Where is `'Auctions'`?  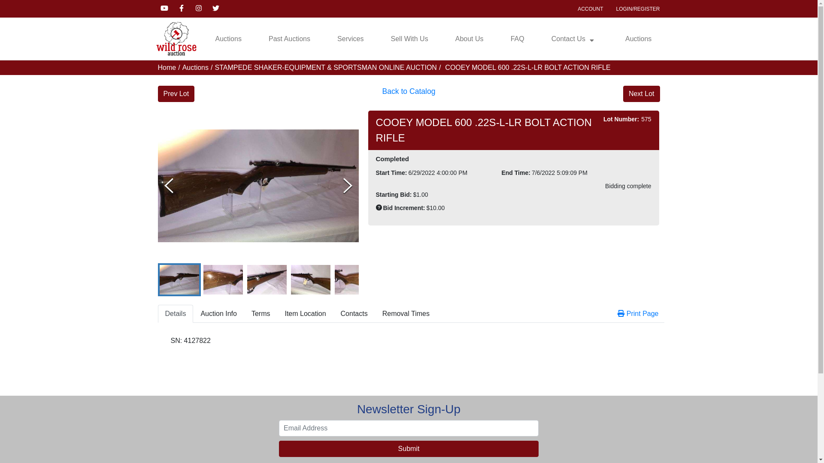 'Auctions' is located at coordinates (228, 39).